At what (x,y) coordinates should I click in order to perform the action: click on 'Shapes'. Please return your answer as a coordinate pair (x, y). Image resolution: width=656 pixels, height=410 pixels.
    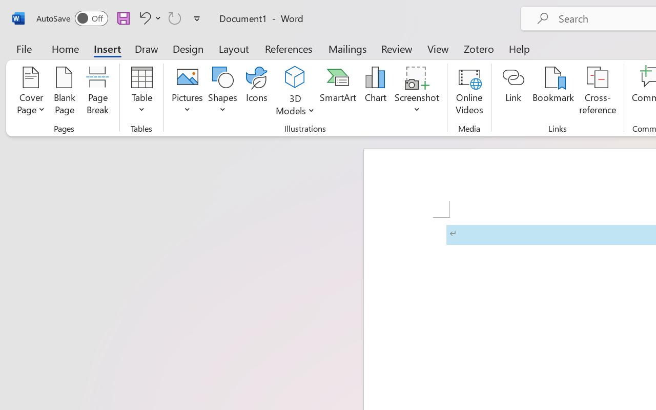
    Looking at the image, I should click on (222, 92).